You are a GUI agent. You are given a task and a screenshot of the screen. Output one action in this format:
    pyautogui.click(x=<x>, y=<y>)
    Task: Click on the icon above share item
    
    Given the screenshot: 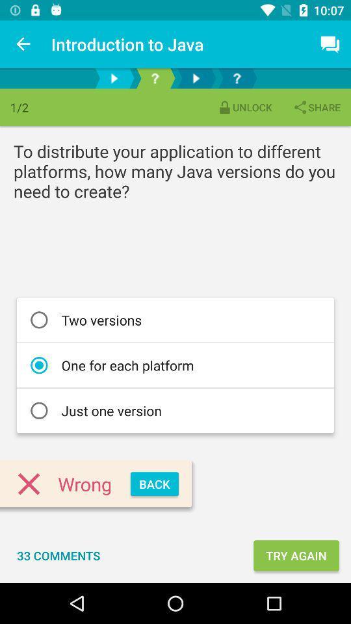 What is the action you would take?
    pyautogui.click(x=330, y=44)
    